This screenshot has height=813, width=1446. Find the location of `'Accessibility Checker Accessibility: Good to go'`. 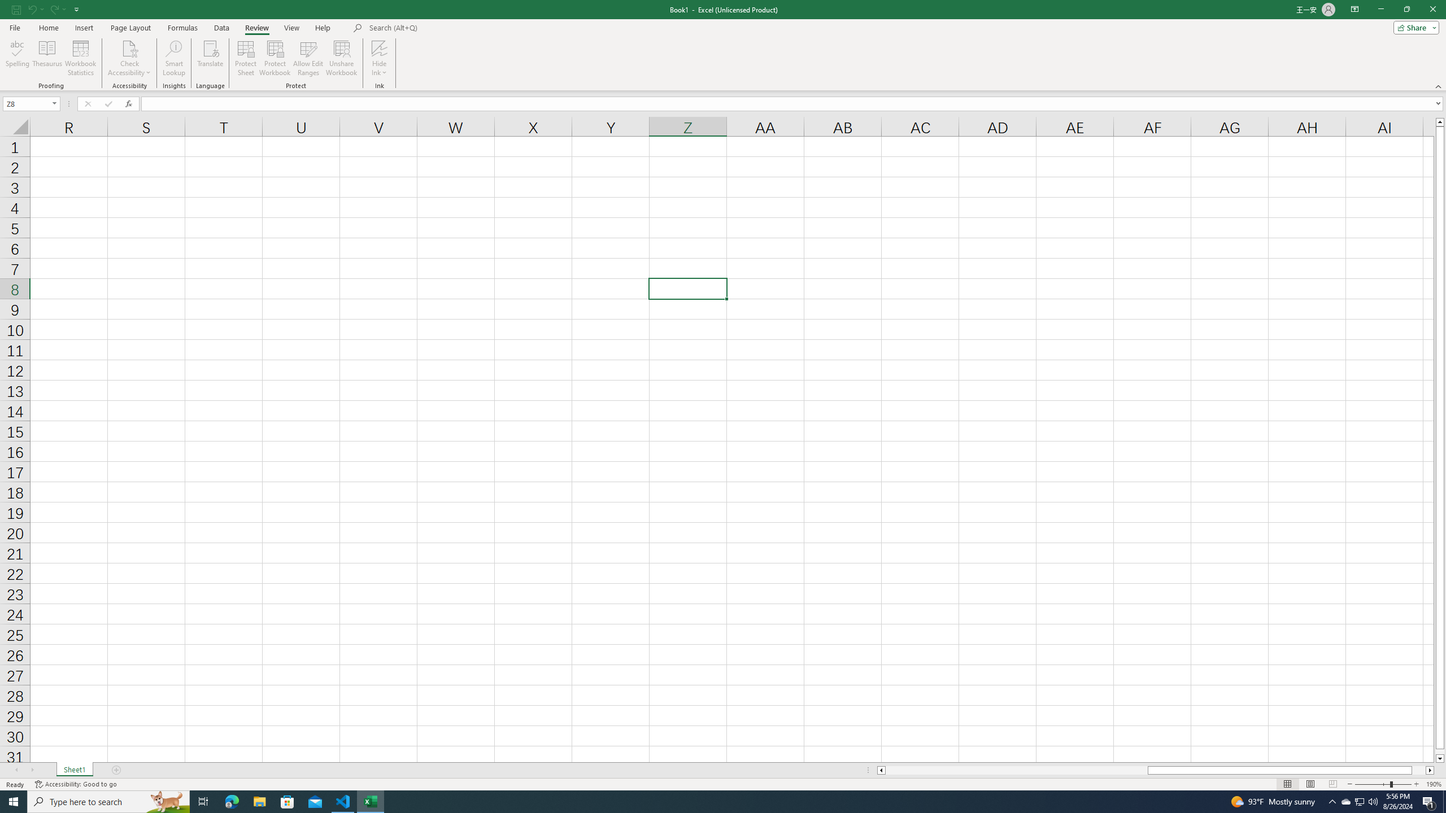

'Accessibility Checker Accessibility: Good to go' is located at coordinates (76, 784).